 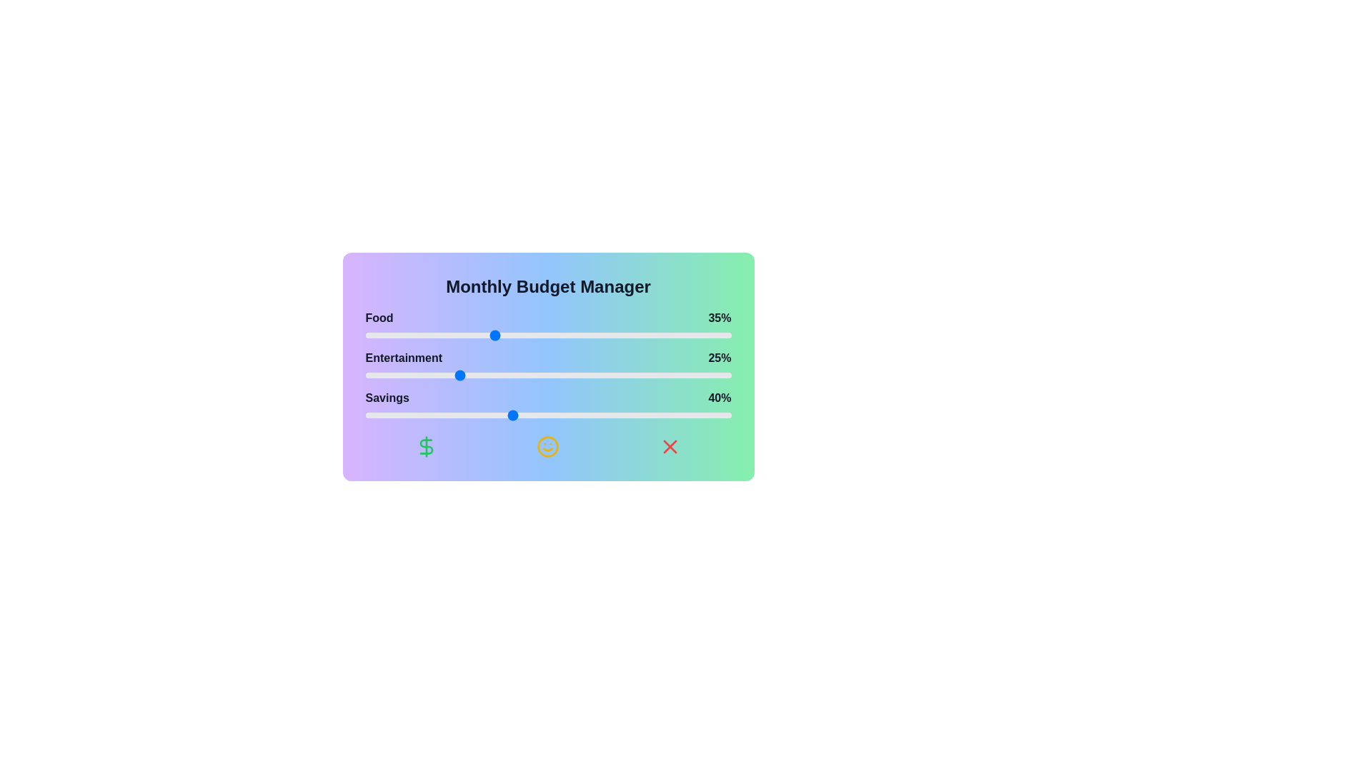 I want to click on the 'Food' slider to 97%, so click(x=720, y=336).